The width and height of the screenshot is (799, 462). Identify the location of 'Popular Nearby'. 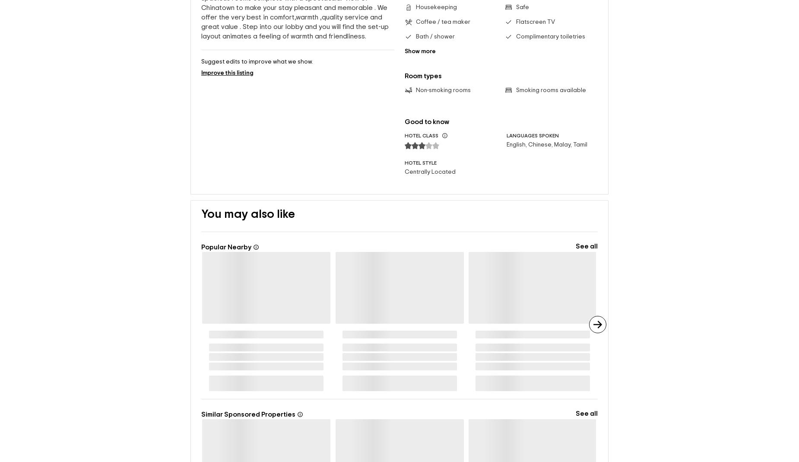
(201, 247).